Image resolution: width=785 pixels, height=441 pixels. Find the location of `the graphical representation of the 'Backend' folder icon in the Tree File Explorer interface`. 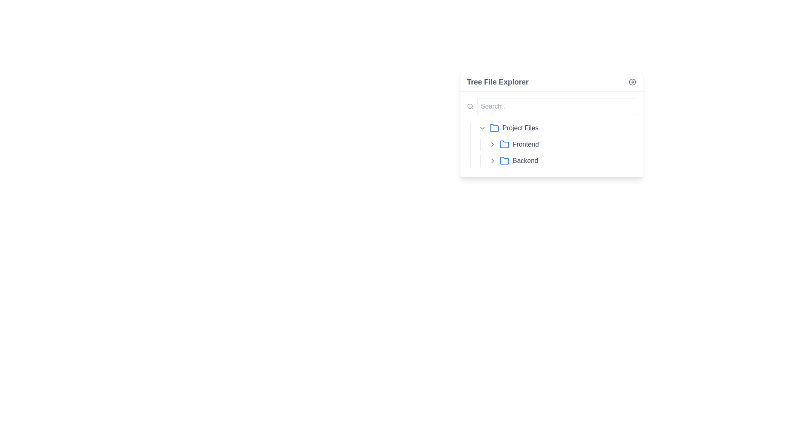

the graphical representation of the 'Backend' folder icon in the Tree File Explorer interface is located at coordinates (504, 160).